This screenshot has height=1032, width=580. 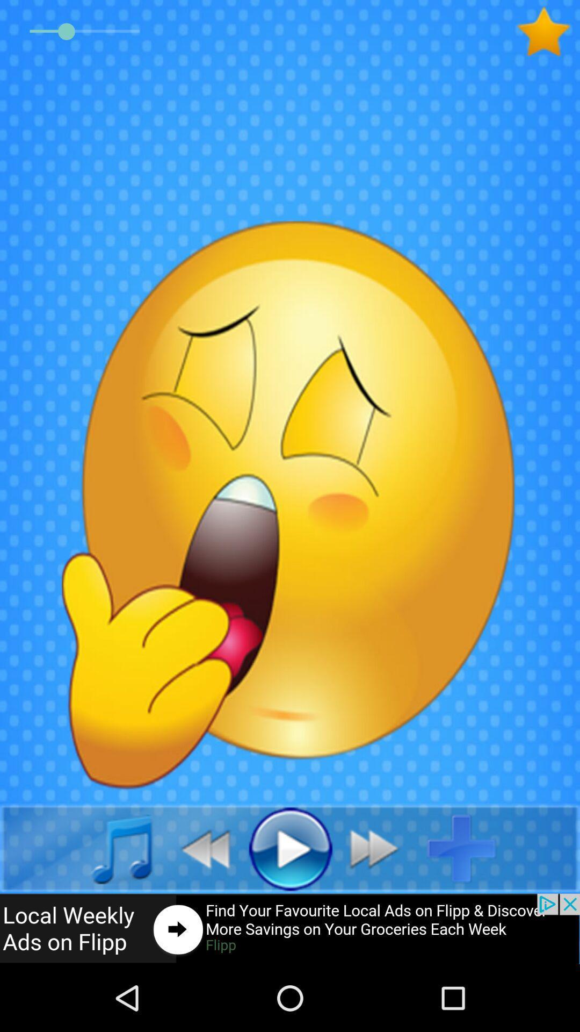 I want to click on previous, so click(x=199, y=848).